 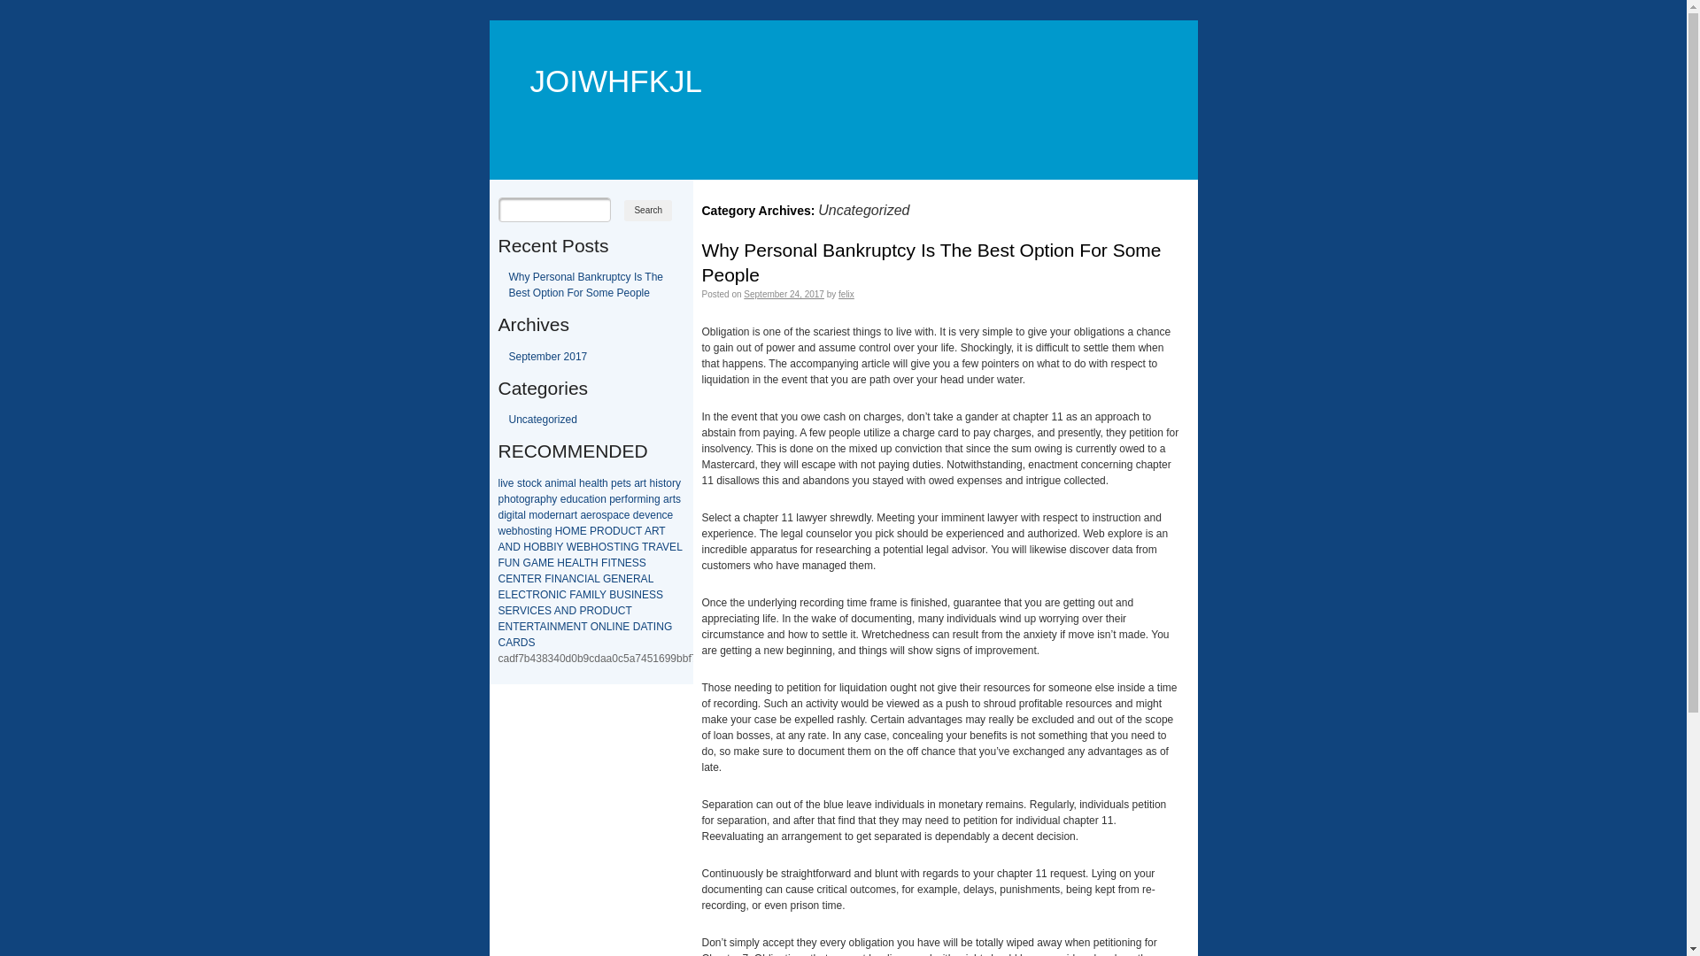 What do you see at coordinates (641, 563) in the screenshot?
I see `'S'` at bounding box center [641, 563].